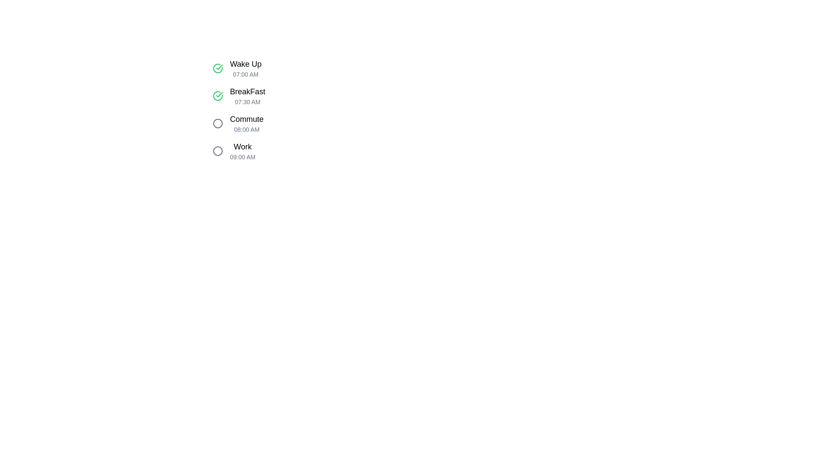 The height and width of the screenshot is (465, 827). What do you see at coordinates (245, 74) in the screenshot?
I see `the text label displaying '07:00 AM' which is styled in small, gray-colored font, located beneath the 'Wake Up' label` at bounding box center [245, 74].